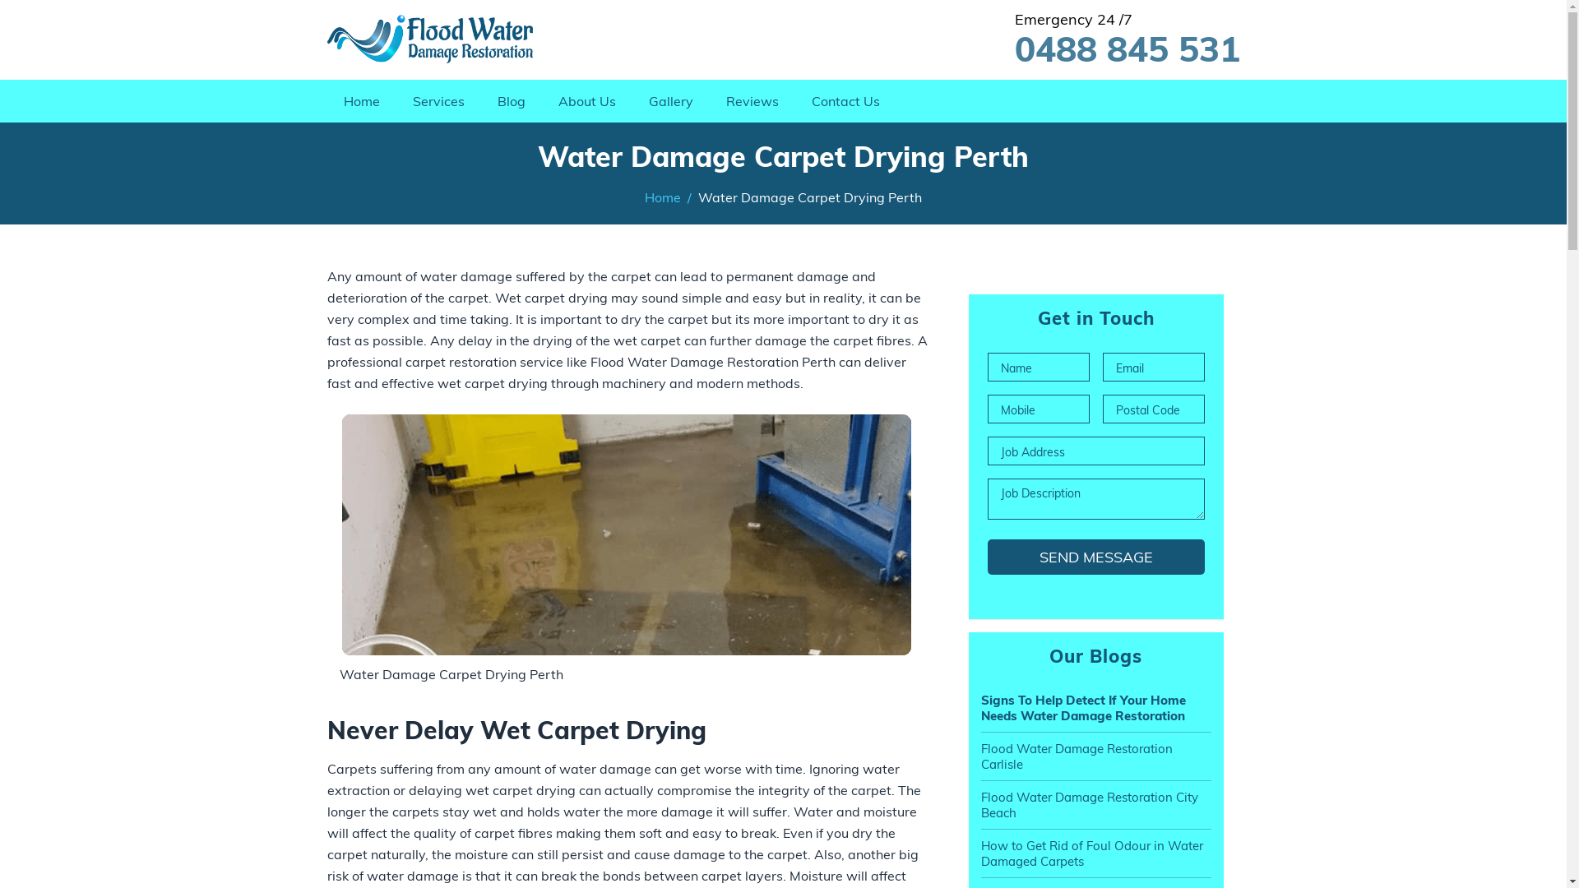 Image resolution: width=1579 pixels, height=888 pixels. Describe the element at coordinates (670, 101) in the screenshot. I see `'Gallery'` at that location.